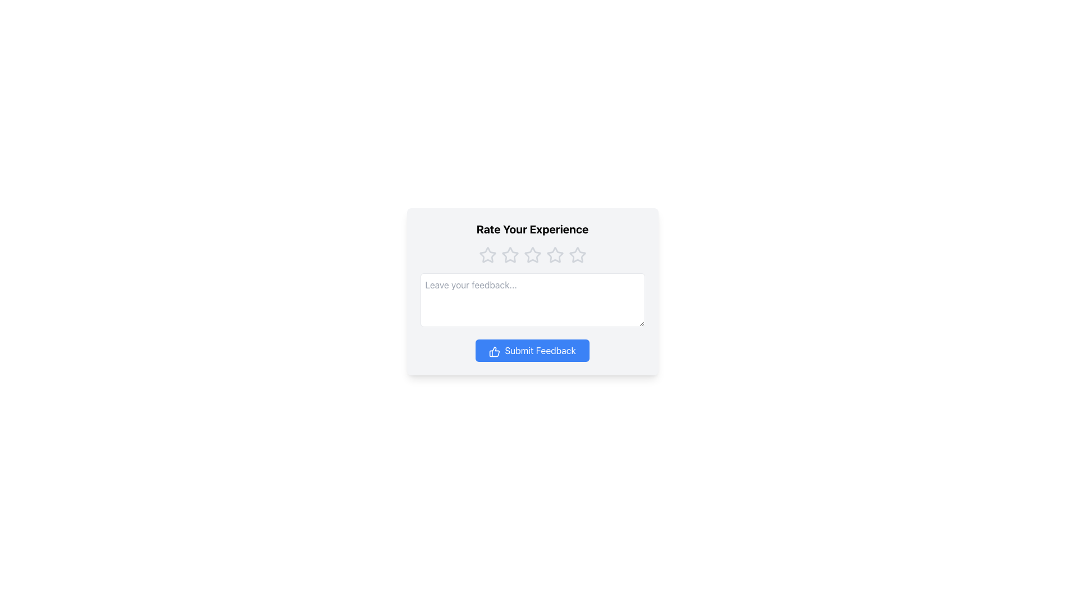 The image size is (1078, 606). I want to click on the fifth star icon in the rating system, so click(555, 255).